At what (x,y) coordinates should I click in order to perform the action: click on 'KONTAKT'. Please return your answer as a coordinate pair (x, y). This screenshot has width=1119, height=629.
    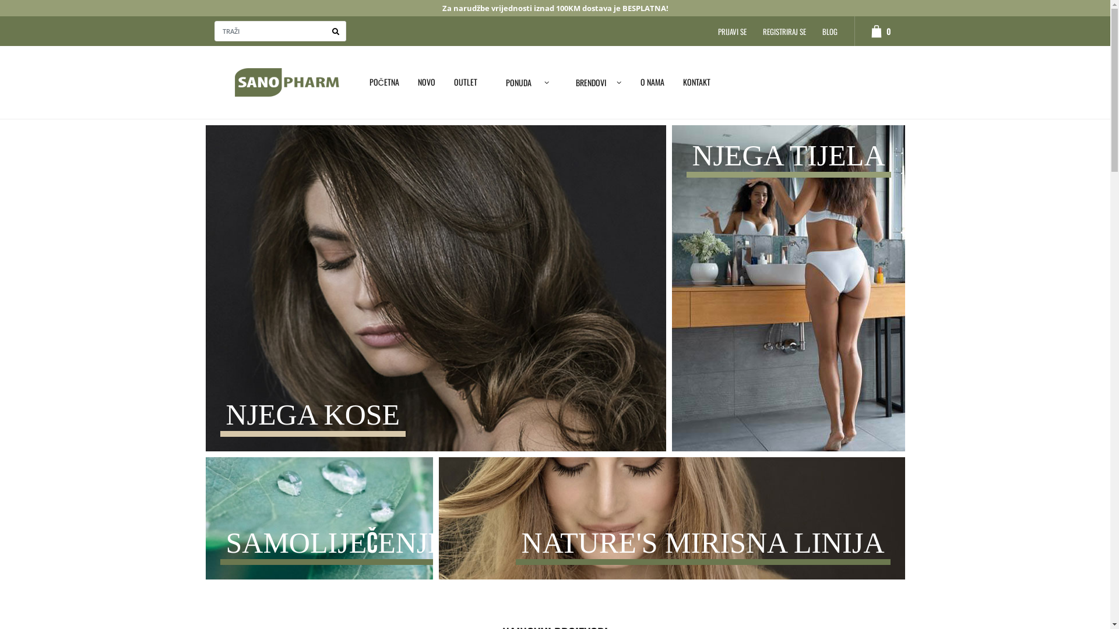
    Looking at the image, I should click on (674, 81).